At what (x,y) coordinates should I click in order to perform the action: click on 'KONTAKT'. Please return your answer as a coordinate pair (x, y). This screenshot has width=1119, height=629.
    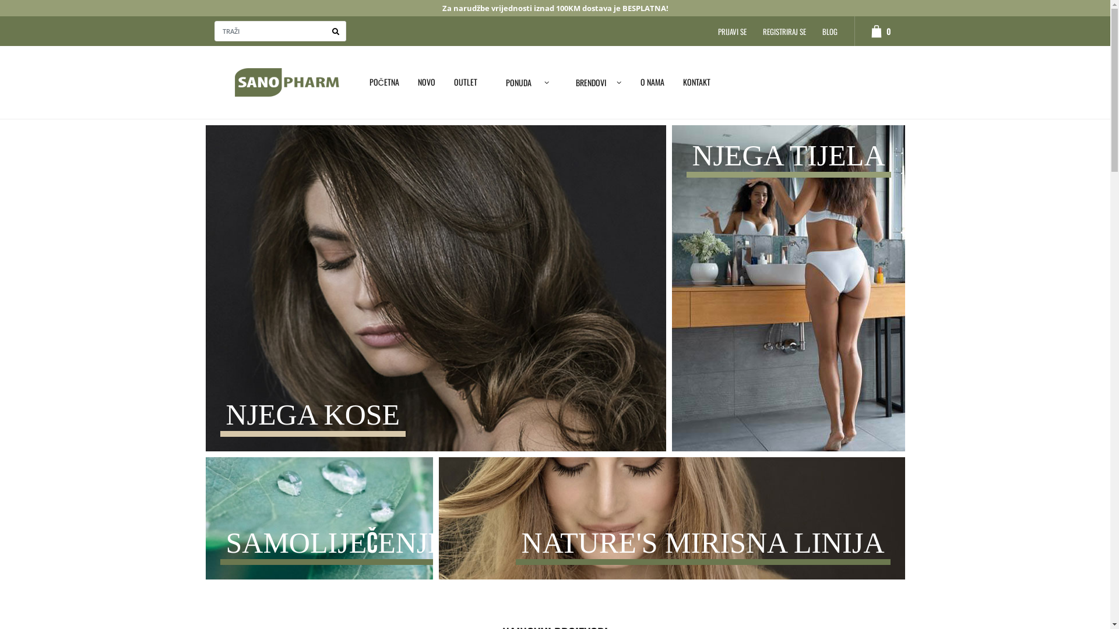
    Looking at the image, I should click on (674, 81).